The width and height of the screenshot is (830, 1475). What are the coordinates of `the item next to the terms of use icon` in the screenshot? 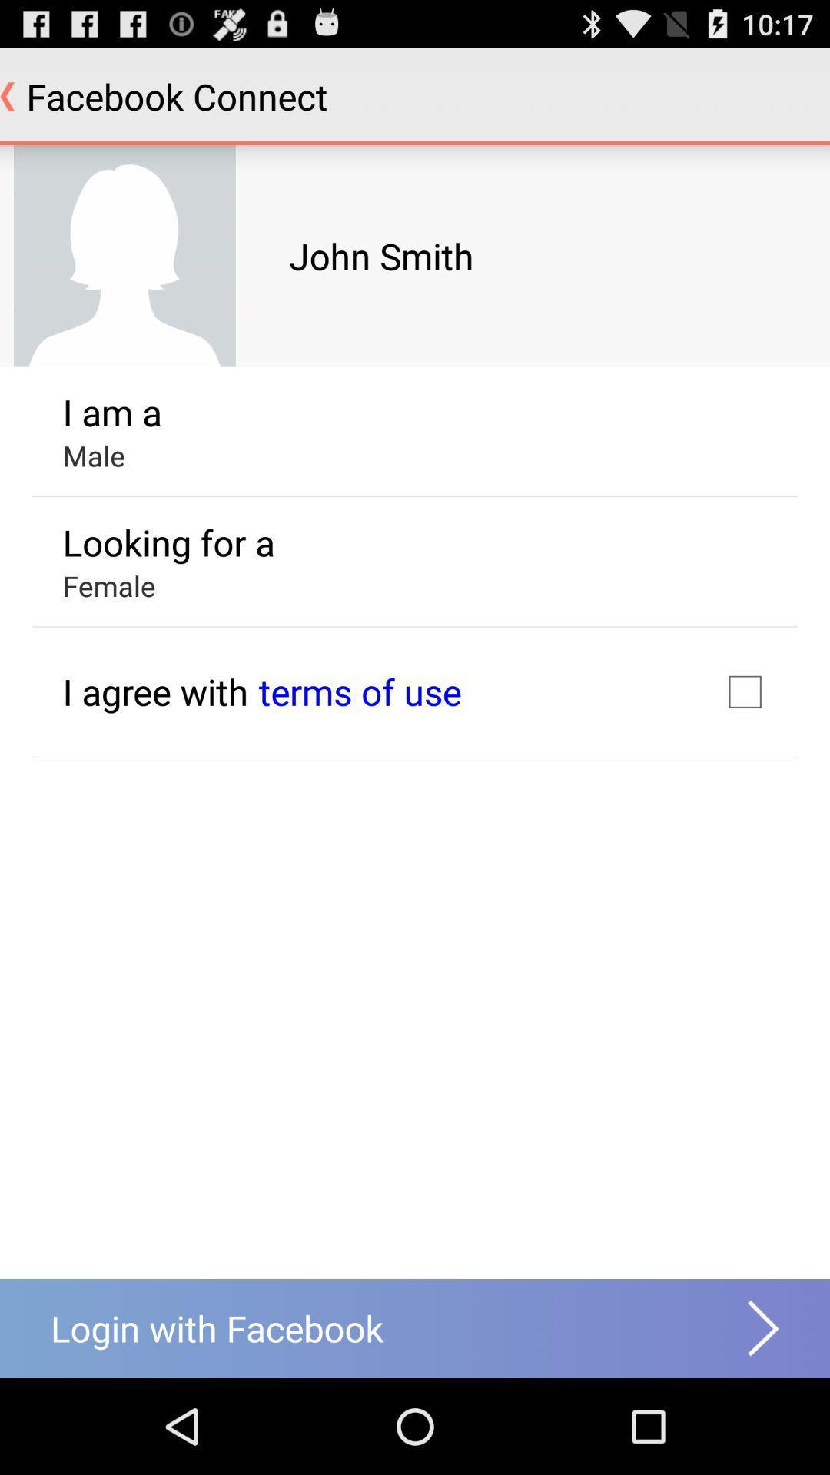 It's located at (744, 691).